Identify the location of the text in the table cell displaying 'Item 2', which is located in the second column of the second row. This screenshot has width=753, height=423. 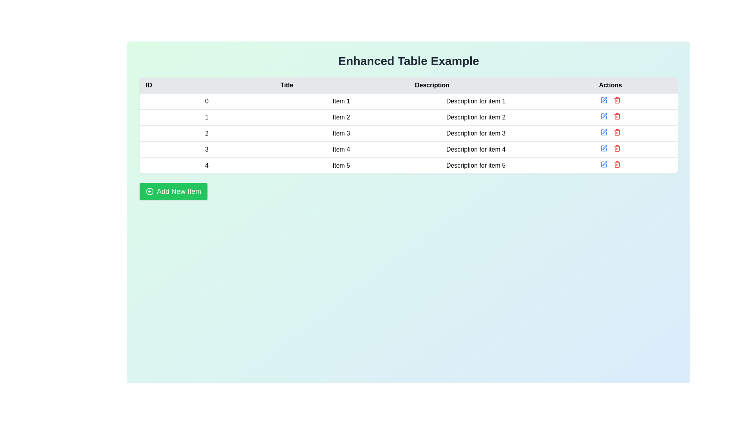
(341, 117).